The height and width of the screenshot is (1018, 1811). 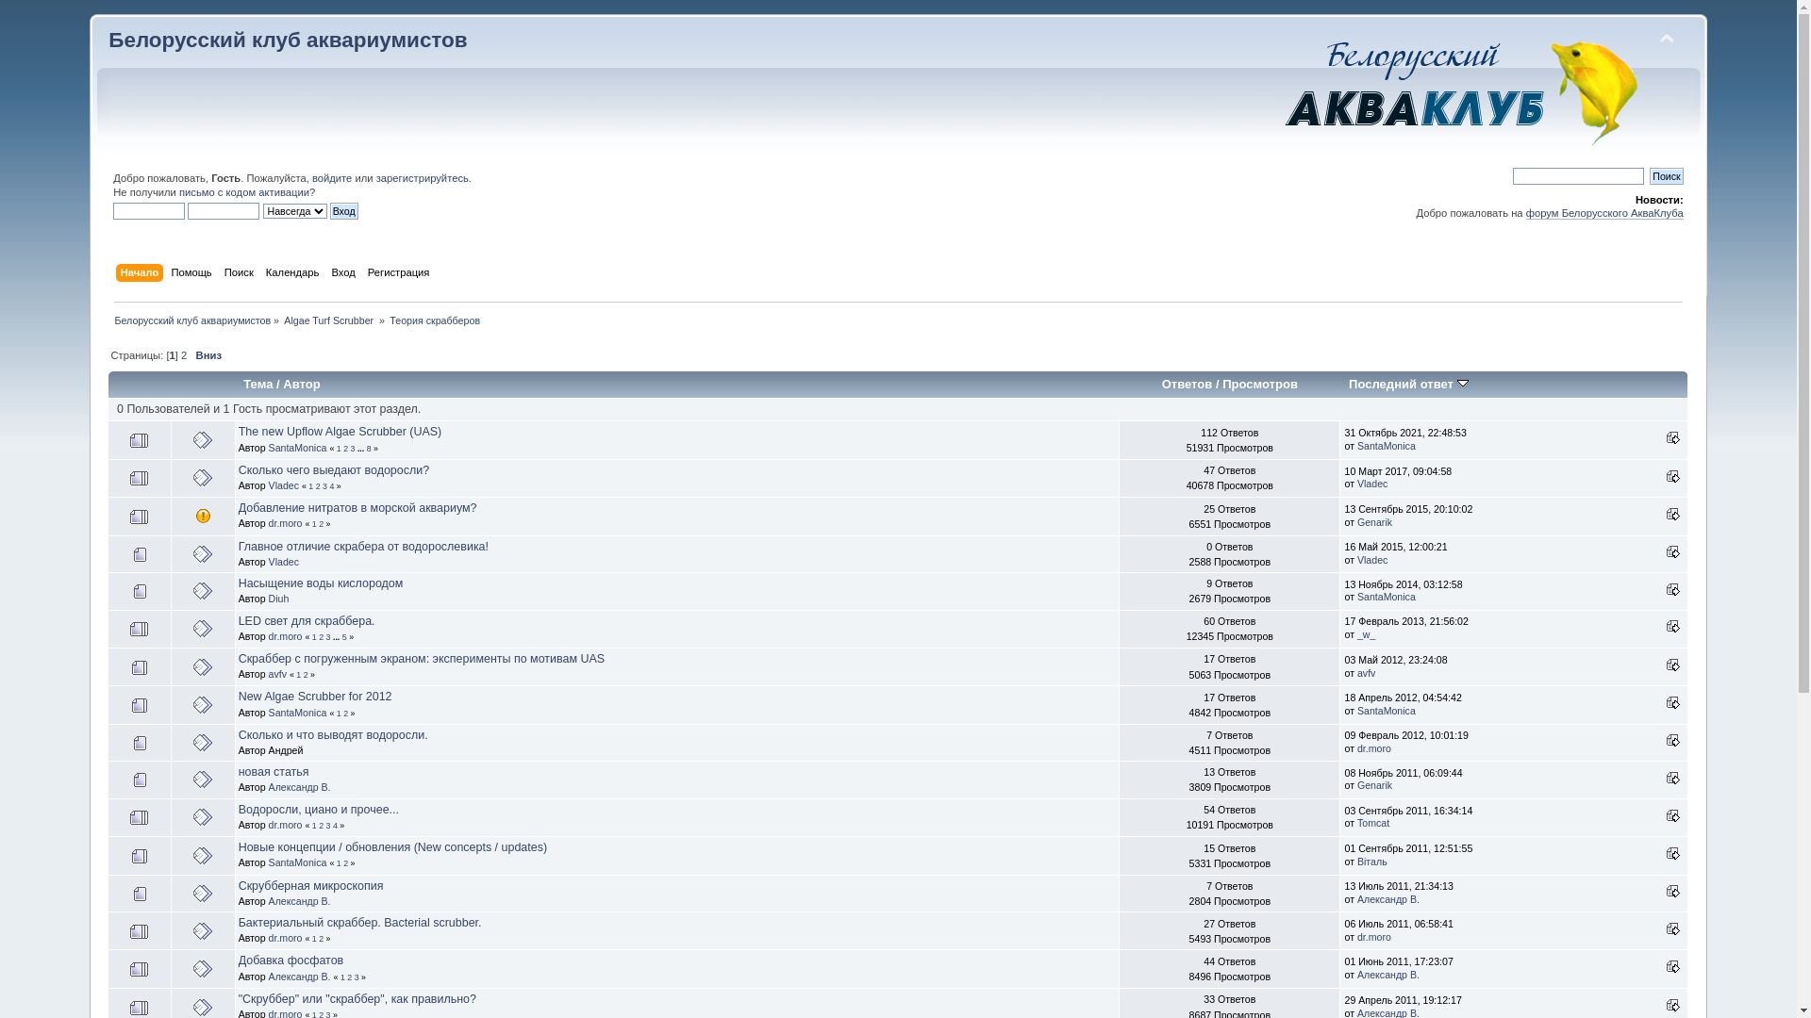 What do you see at coordinates (338, 636) in the screenshot?
I see `'...'` at bounding box center [338, 636].